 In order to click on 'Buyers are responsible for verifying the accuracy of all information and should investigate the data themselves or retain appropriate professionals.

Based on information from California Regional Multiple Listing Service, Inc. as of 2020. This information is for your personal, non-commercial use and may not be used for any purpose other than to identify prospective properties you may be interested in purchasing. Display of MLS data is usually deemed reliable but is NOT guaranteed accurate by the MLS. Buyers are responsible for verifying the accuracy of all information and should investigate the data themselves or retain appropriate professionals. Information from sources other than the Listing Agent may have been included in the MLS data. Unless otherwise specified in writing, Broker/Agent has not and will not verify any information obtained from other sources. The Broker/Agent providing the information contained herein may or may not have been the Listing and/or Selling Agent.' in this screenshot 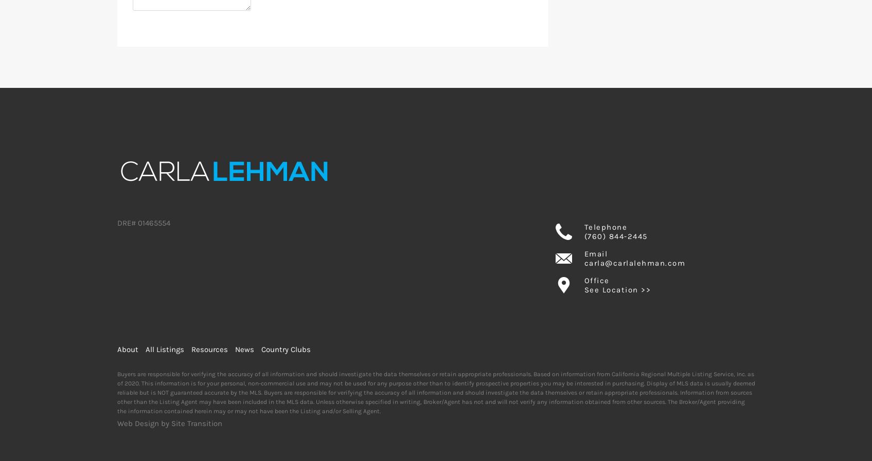, I will do `click(435, 392)`.